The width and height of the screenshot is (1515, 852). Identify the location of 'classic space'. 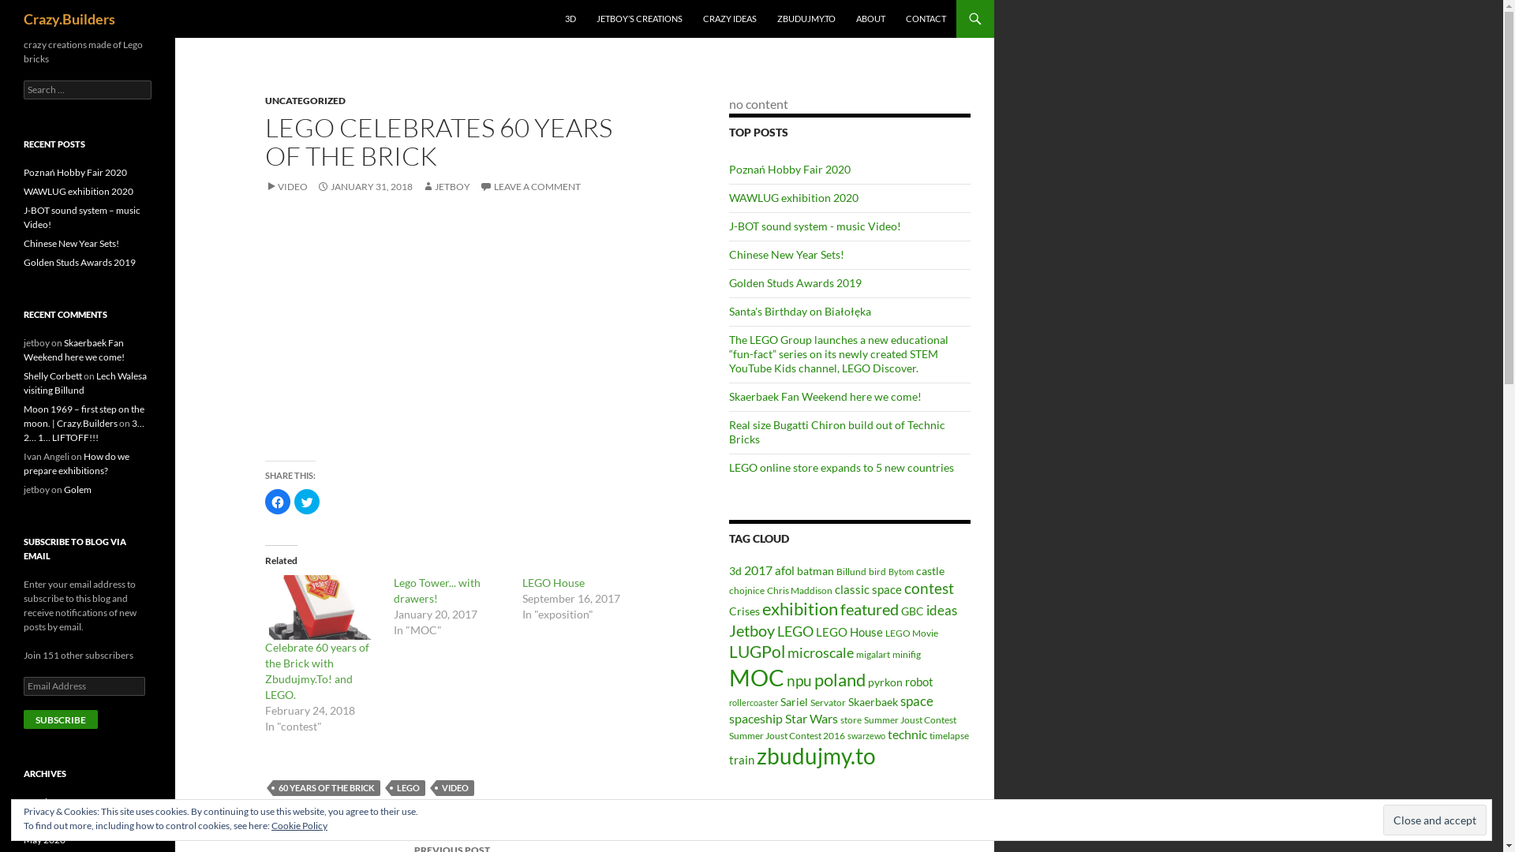
(867, 589).